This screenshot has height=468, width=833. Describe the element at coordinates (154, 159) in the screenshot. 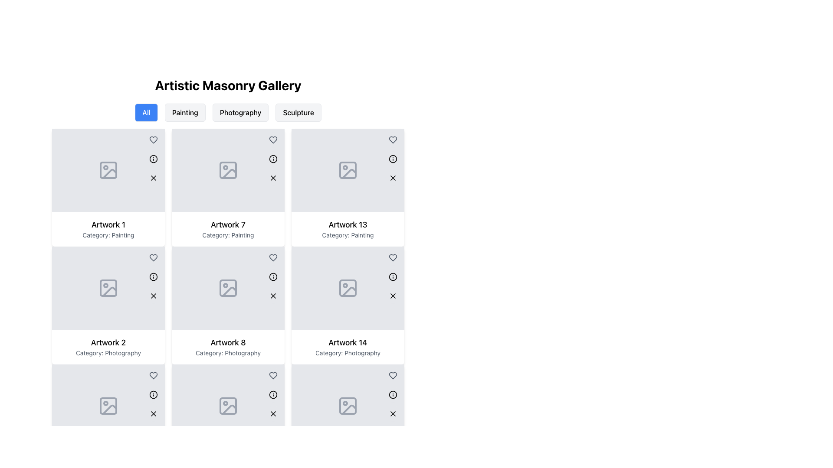

I see `Circle SVG element located in the second column of the first row of a grid layout, which has a thin black border and is positioned next to other icons like the heart symbol` at that location.